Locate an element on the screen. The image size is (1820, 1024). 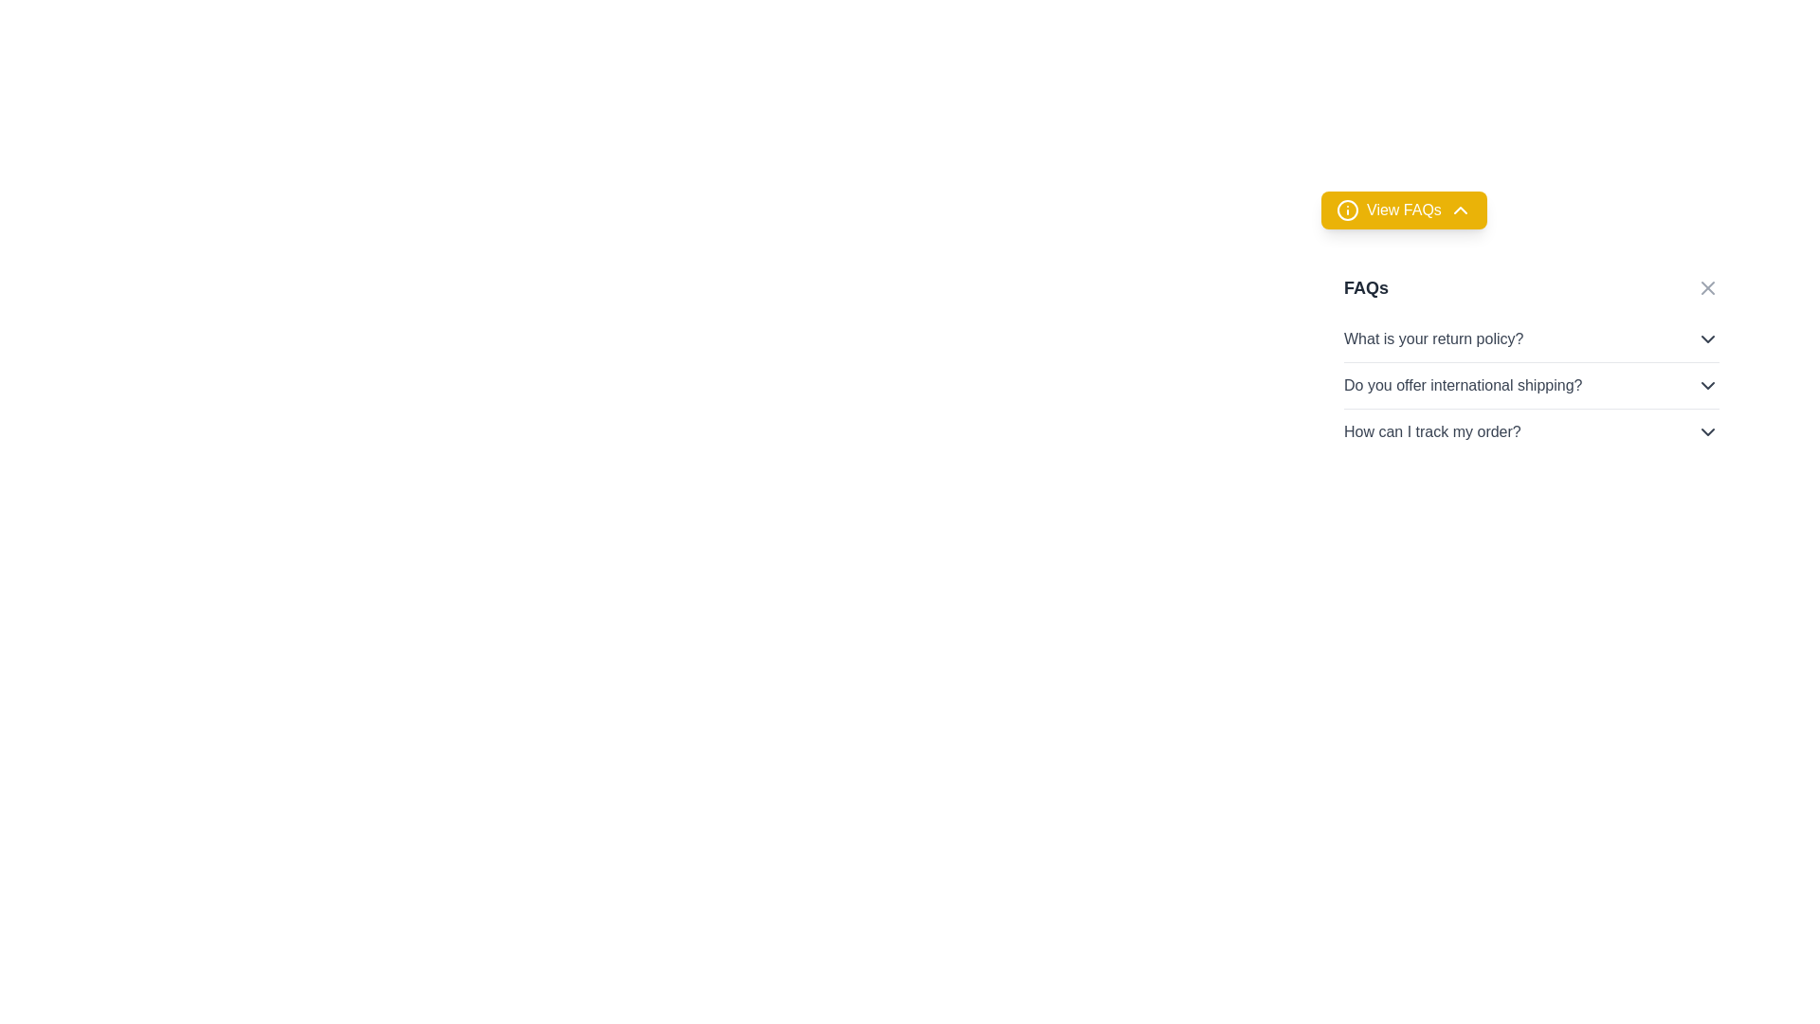
the dismiss or close icon button located is located at coordinates (1707, 288).